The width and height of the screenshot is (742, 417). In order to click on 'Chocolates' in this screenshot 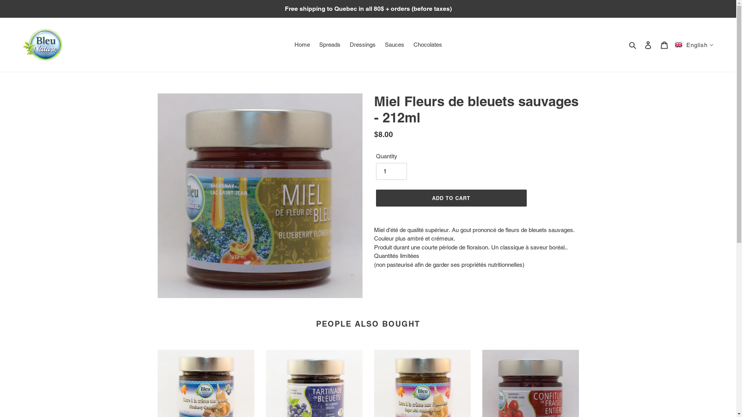, I will do `click(409, 45)`.